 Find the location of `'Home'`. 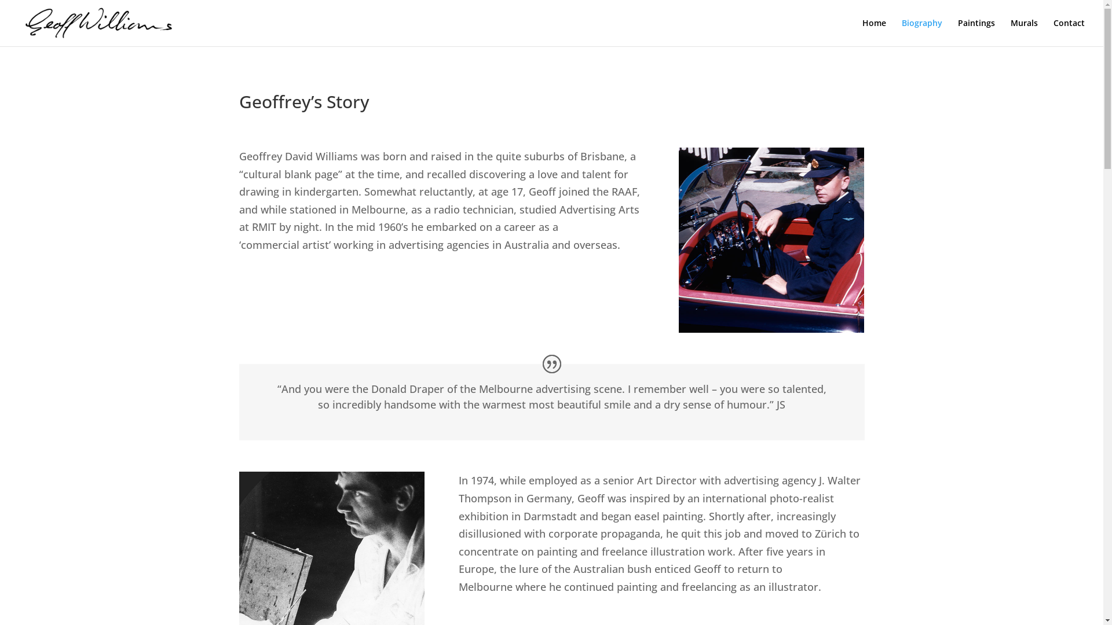

'Home' is located at coordinates (862, 32).